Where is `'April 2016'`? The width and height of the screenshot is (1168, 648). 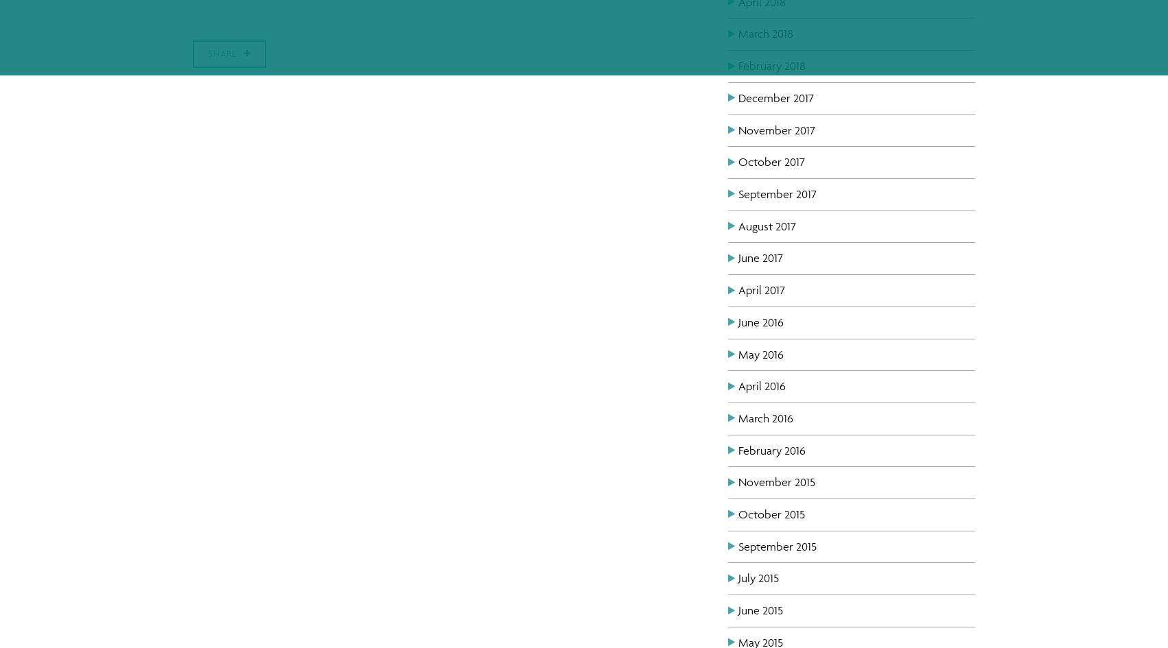
'April 2016' is located at coordinates (761, 386).